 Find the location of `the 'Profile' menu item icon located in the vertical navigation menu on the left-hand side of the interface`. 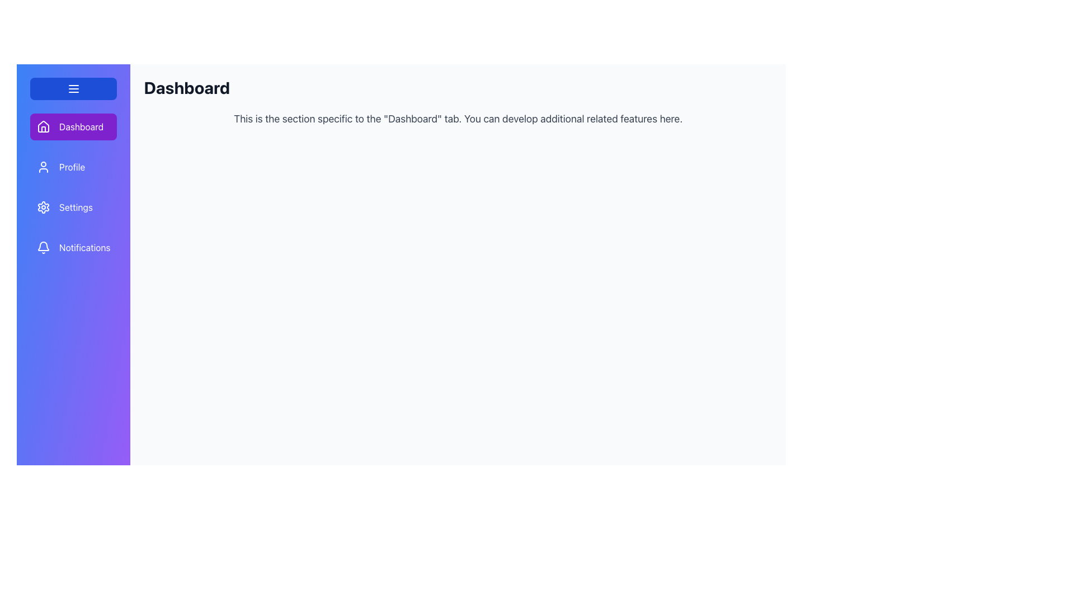

the 'Profile' menu item icon located in the vertical navigation menu on the left-hand side of the interface is located at coordinates (43, 167).